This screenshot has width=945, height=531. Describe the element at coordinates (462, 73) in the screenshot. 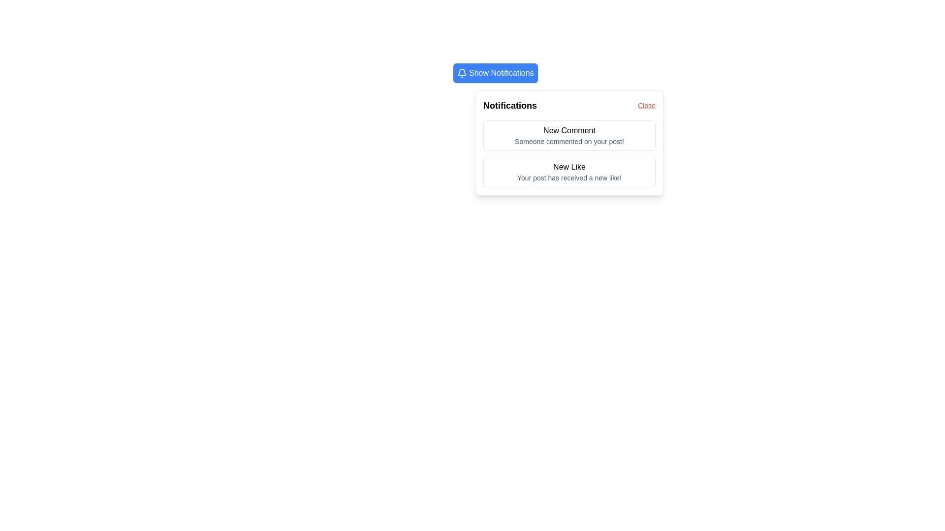

I see `the bell-shaped notification icon, which is located to the left of the 'Show Notifications' button, styled in blue with a circular outline` at that location.